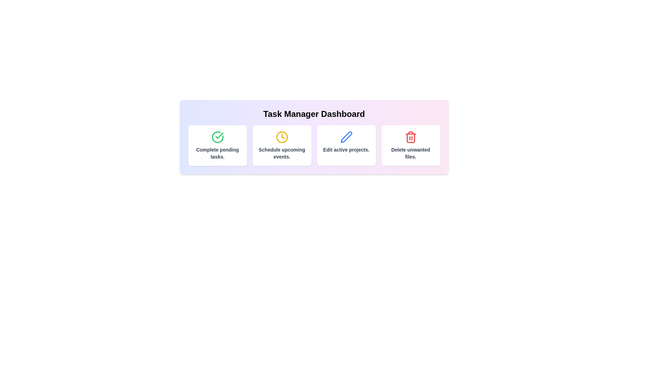 This screenshot has width=672, height=378. I want to click on the project editing button located in the third position of the grid layout, between the 'Schedule upcoming events' card and the 'Delete unwanted files' card for keyboard interaction, so click(314, 145).